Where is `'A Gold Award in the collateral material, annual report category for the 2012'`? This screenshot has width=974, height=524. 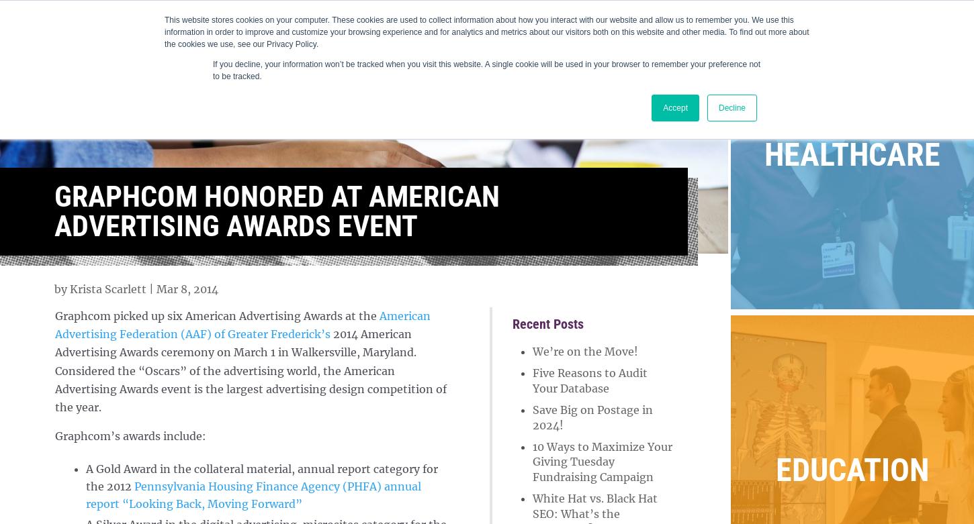 'A Gold Award in the collateral material, annual report category for the 2012' is located at coordinates (85, 476).